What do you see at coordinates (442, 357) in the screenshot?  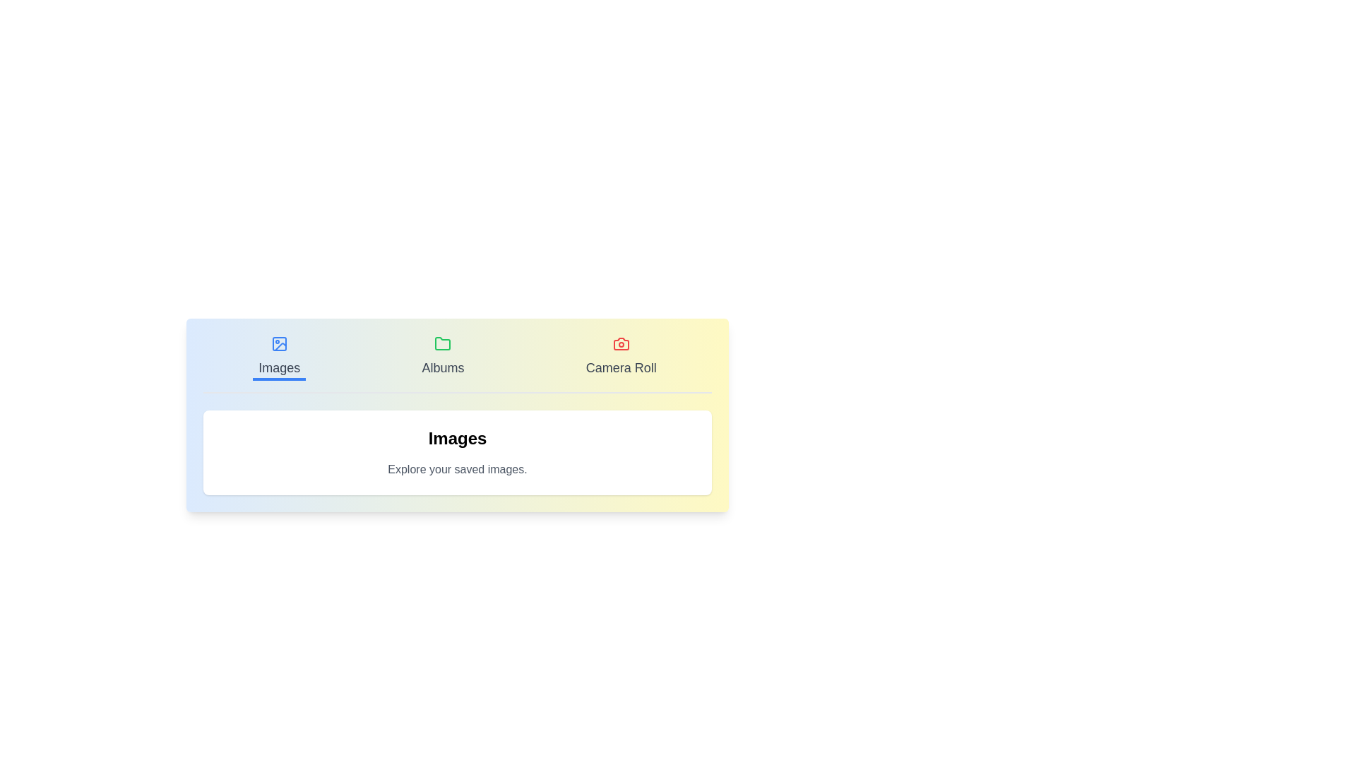 I see `the Albums tab` at bounding box center [442, 357].